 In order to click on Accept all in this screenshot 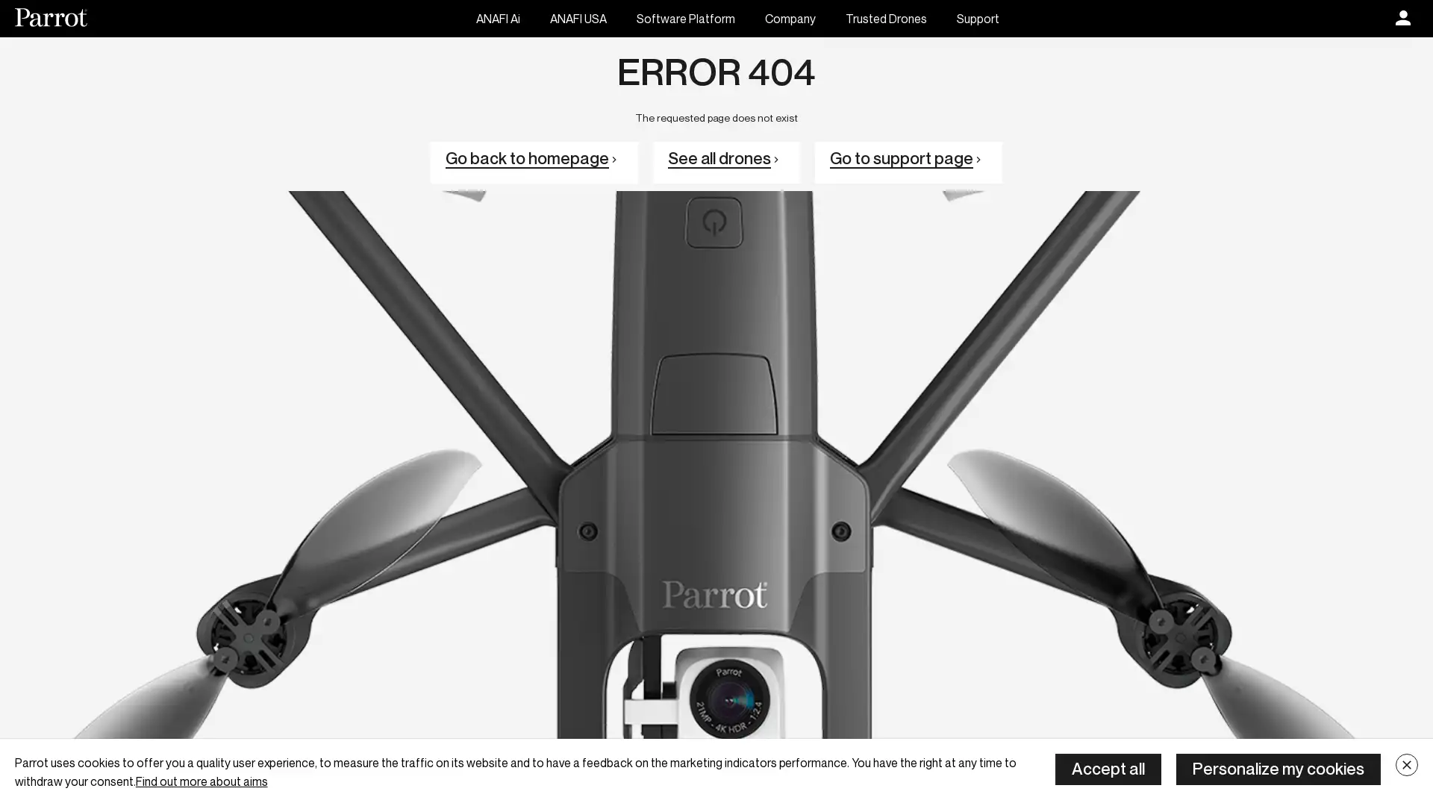, I will do `click(1108, 769)`.